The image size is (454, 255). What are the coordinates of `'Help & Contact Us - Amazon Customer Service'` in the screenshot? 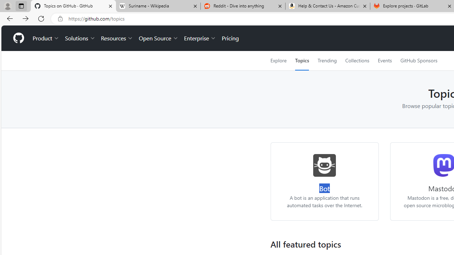 It's located at (327, 6).